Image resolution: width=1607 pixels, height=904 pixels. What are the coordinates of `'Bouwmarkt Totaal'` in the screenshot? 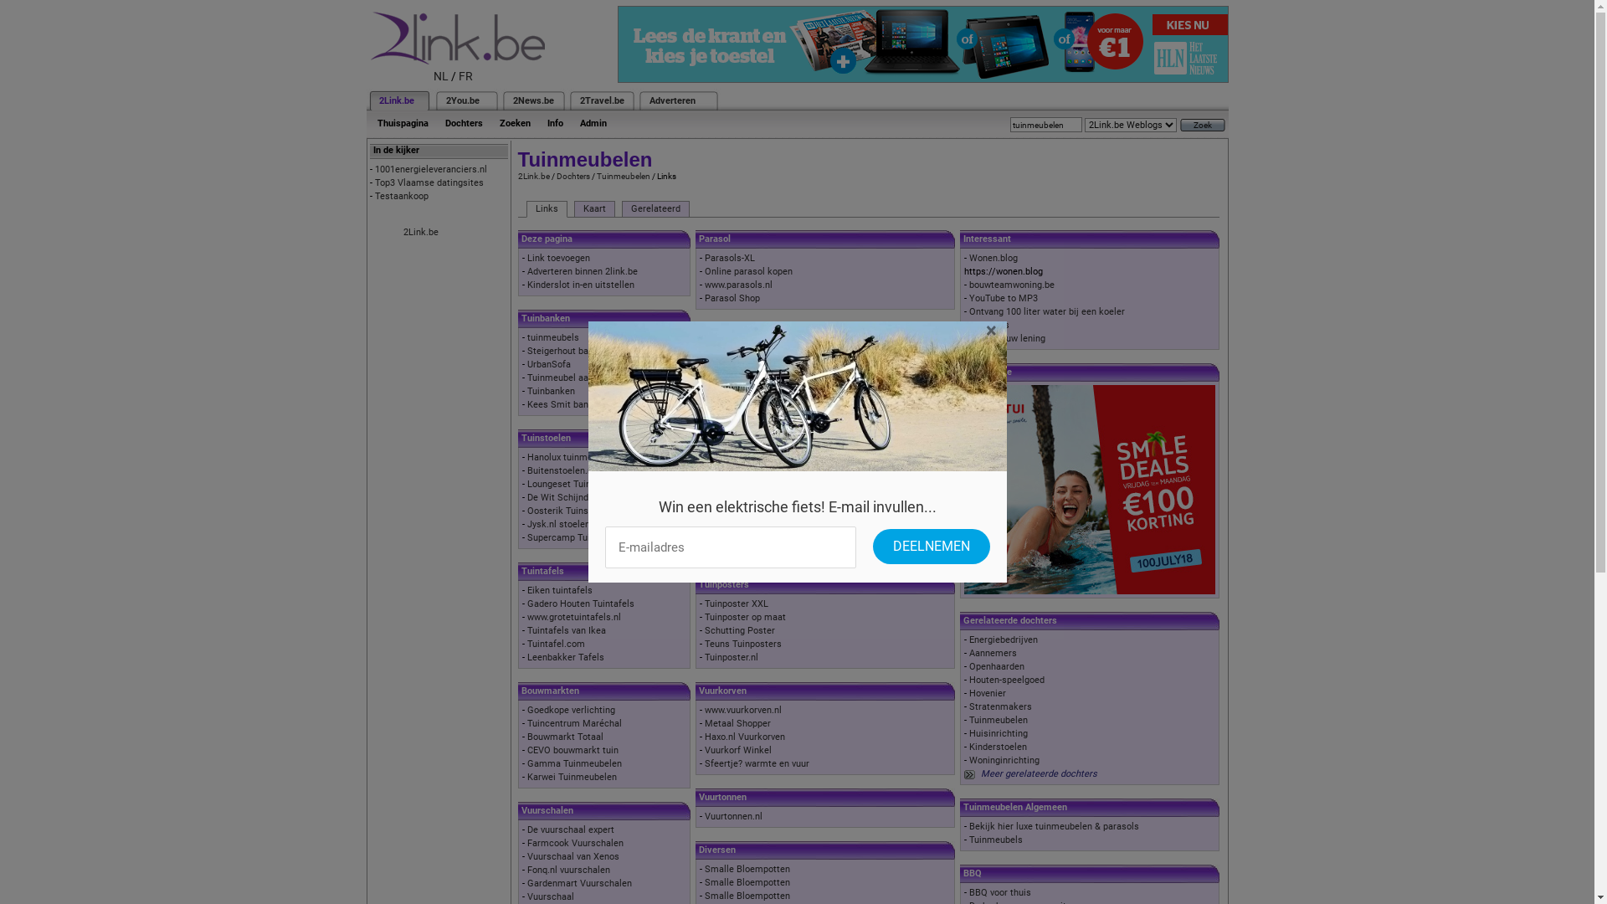 It's located at (526, 736).